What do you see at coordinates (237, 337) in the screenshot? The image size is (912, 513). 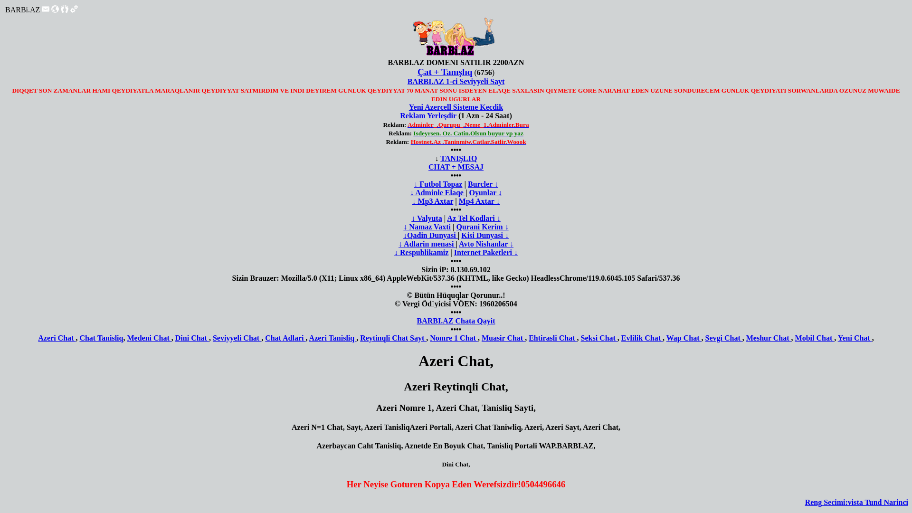 I see `'Seviyyeli Chat'` at bounding box center [237, 337].